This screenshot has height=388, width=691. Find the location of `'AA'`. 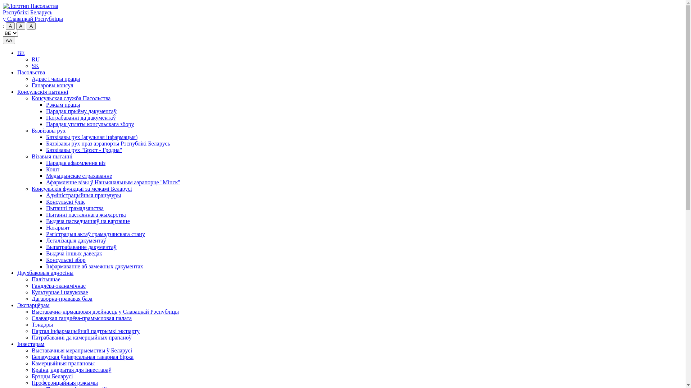

'AA' is located at coordinates (9, 40).